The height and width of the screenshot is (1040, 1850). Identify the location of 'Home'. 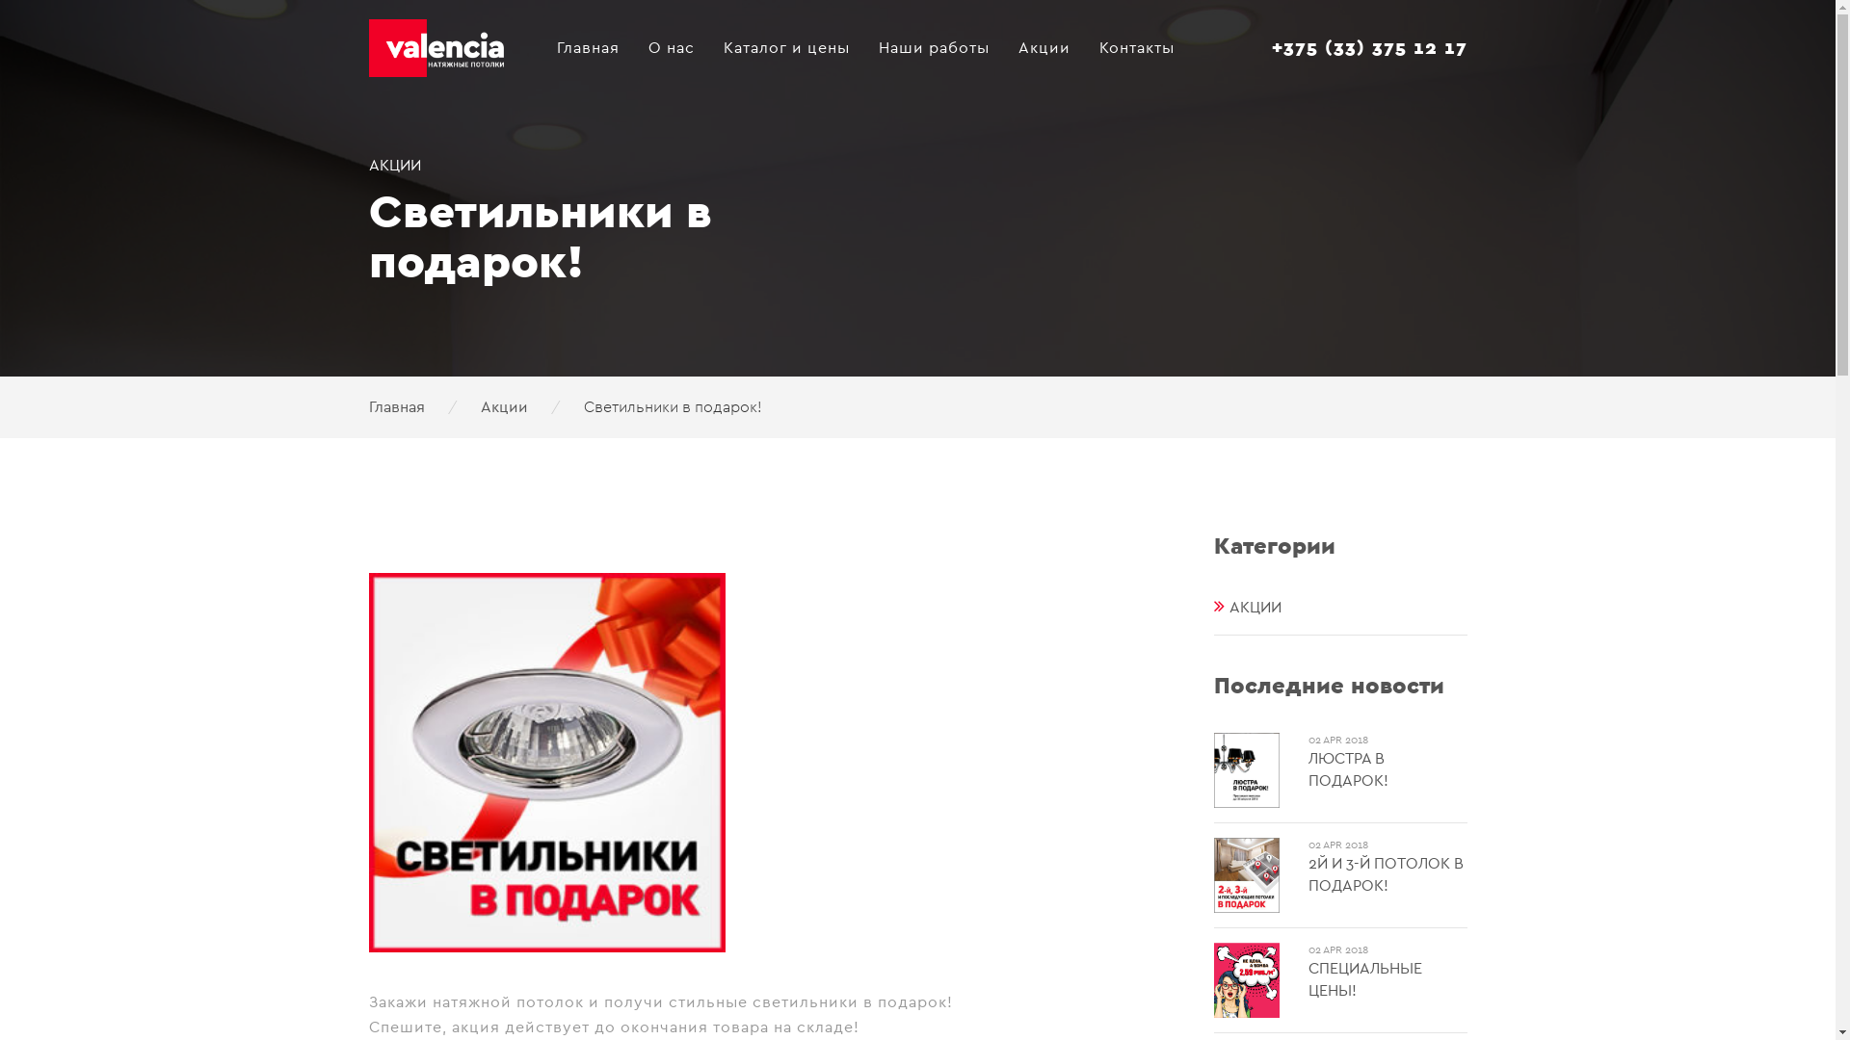
(447, 23).